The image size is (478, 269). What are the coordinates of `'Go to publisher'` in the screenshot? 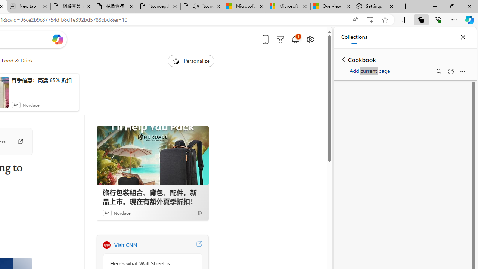 It's located at (16, 142).